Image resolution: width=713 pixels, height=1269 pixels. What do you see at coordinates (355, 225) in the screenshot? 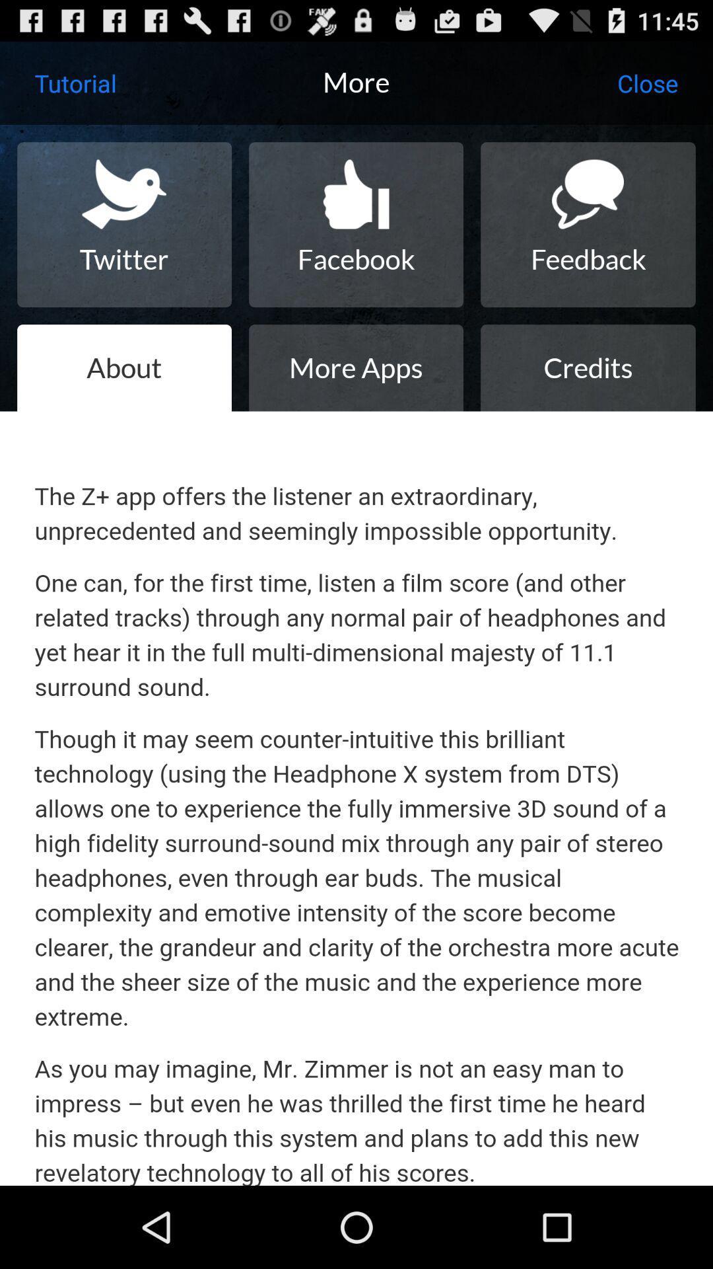
I see `facebook item` at bounding box center [355, 225].